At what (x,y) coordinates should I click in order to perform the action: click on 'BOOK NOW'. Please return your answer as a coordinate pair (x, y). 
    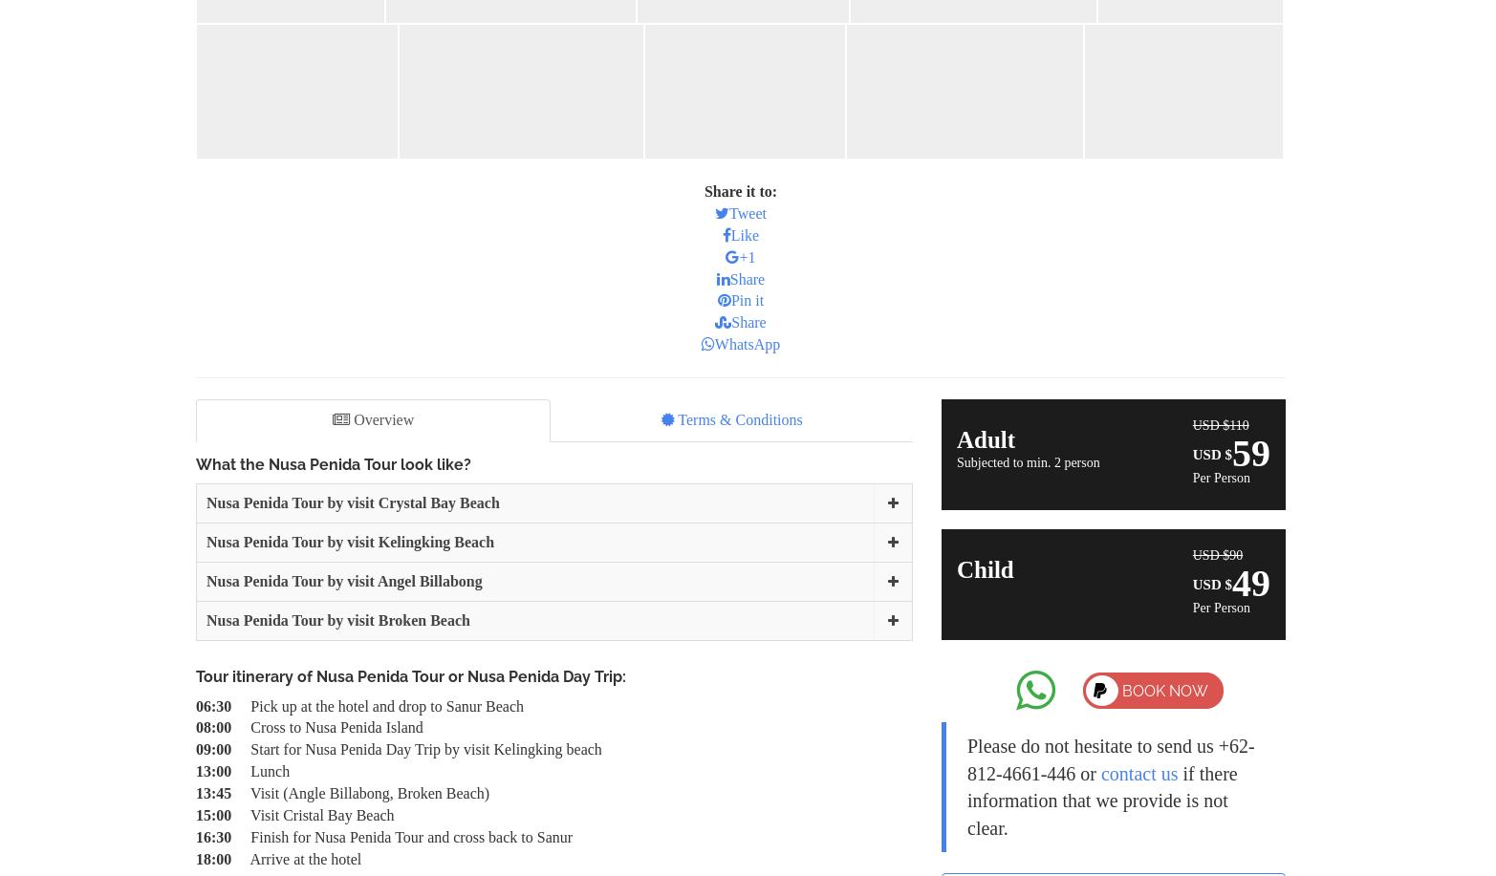
    Looking at the image, I should click on (1122, 690).